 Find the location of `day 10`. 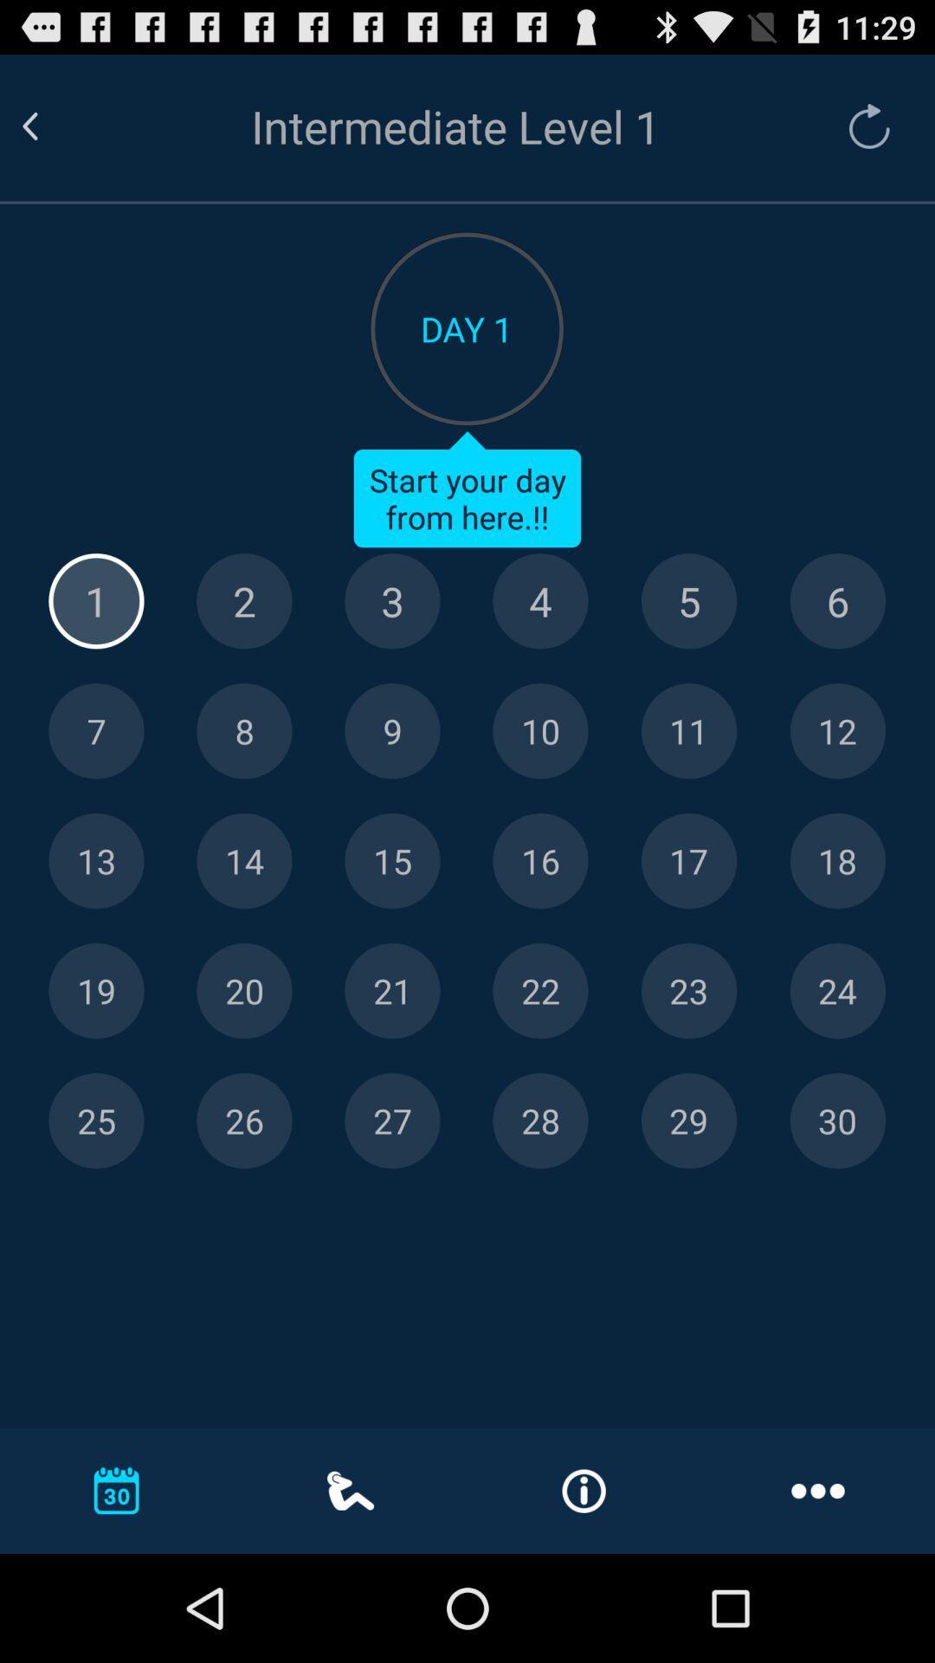

day 10 is located at coordinates (539, 731).